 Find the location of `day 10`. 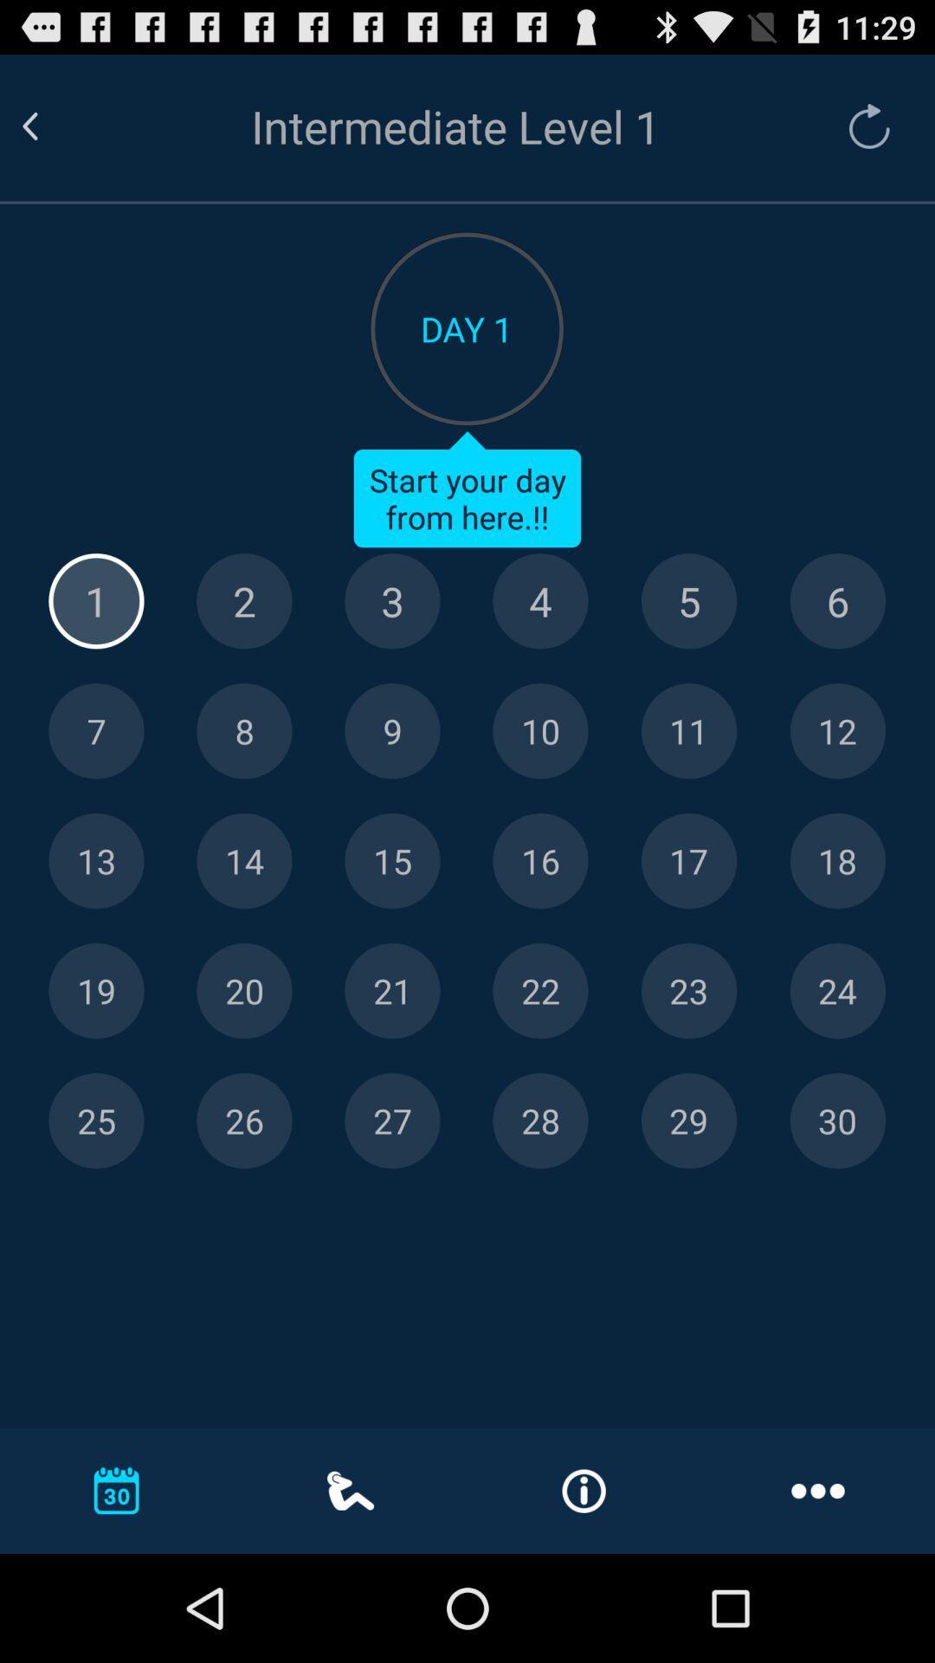

day 10 is located at coordinates (539, 731).